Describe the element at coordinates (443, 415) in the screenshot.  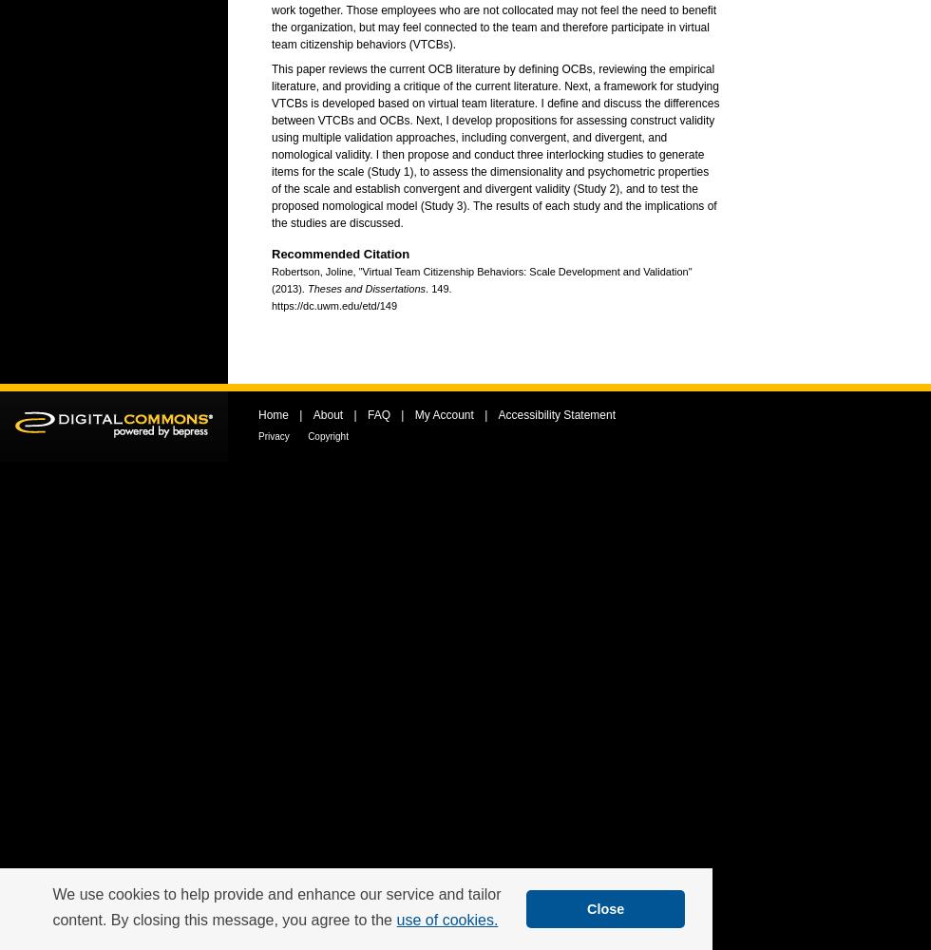
I see `'My Account'` at that location.